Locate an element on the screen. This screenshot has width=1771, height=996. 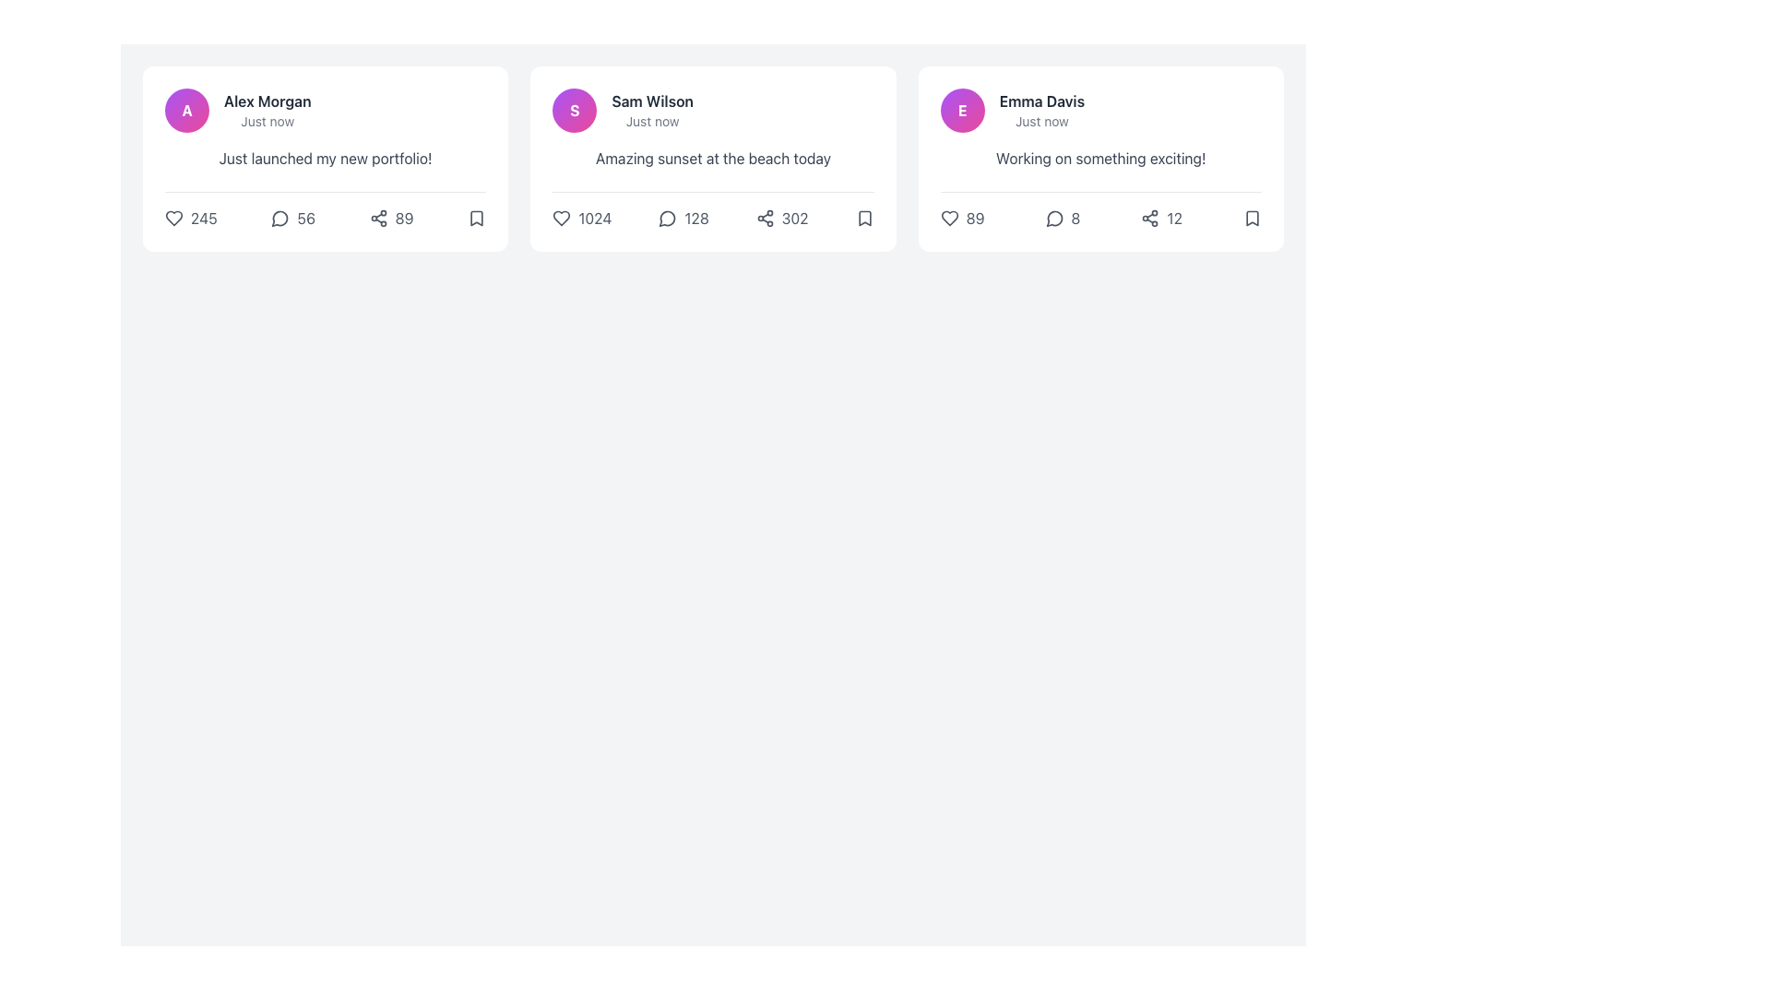
share count displayed on the text label located to the right of the share icon in the second card layout for the post by Sam Wilson is located at coordinates (795, 217).